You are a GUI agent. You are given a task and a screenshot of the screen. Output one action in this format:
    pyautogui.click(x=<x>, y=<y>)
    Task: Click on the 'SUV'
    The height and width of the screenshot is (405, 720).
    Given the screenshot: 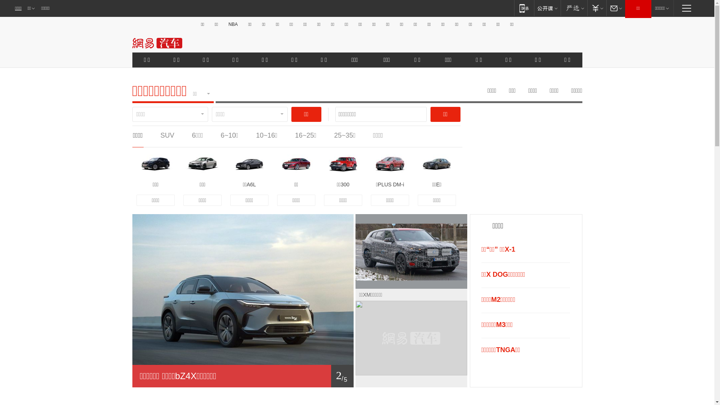 What is the action you would take?
    pyautogui.click(x=167, y=135)
    